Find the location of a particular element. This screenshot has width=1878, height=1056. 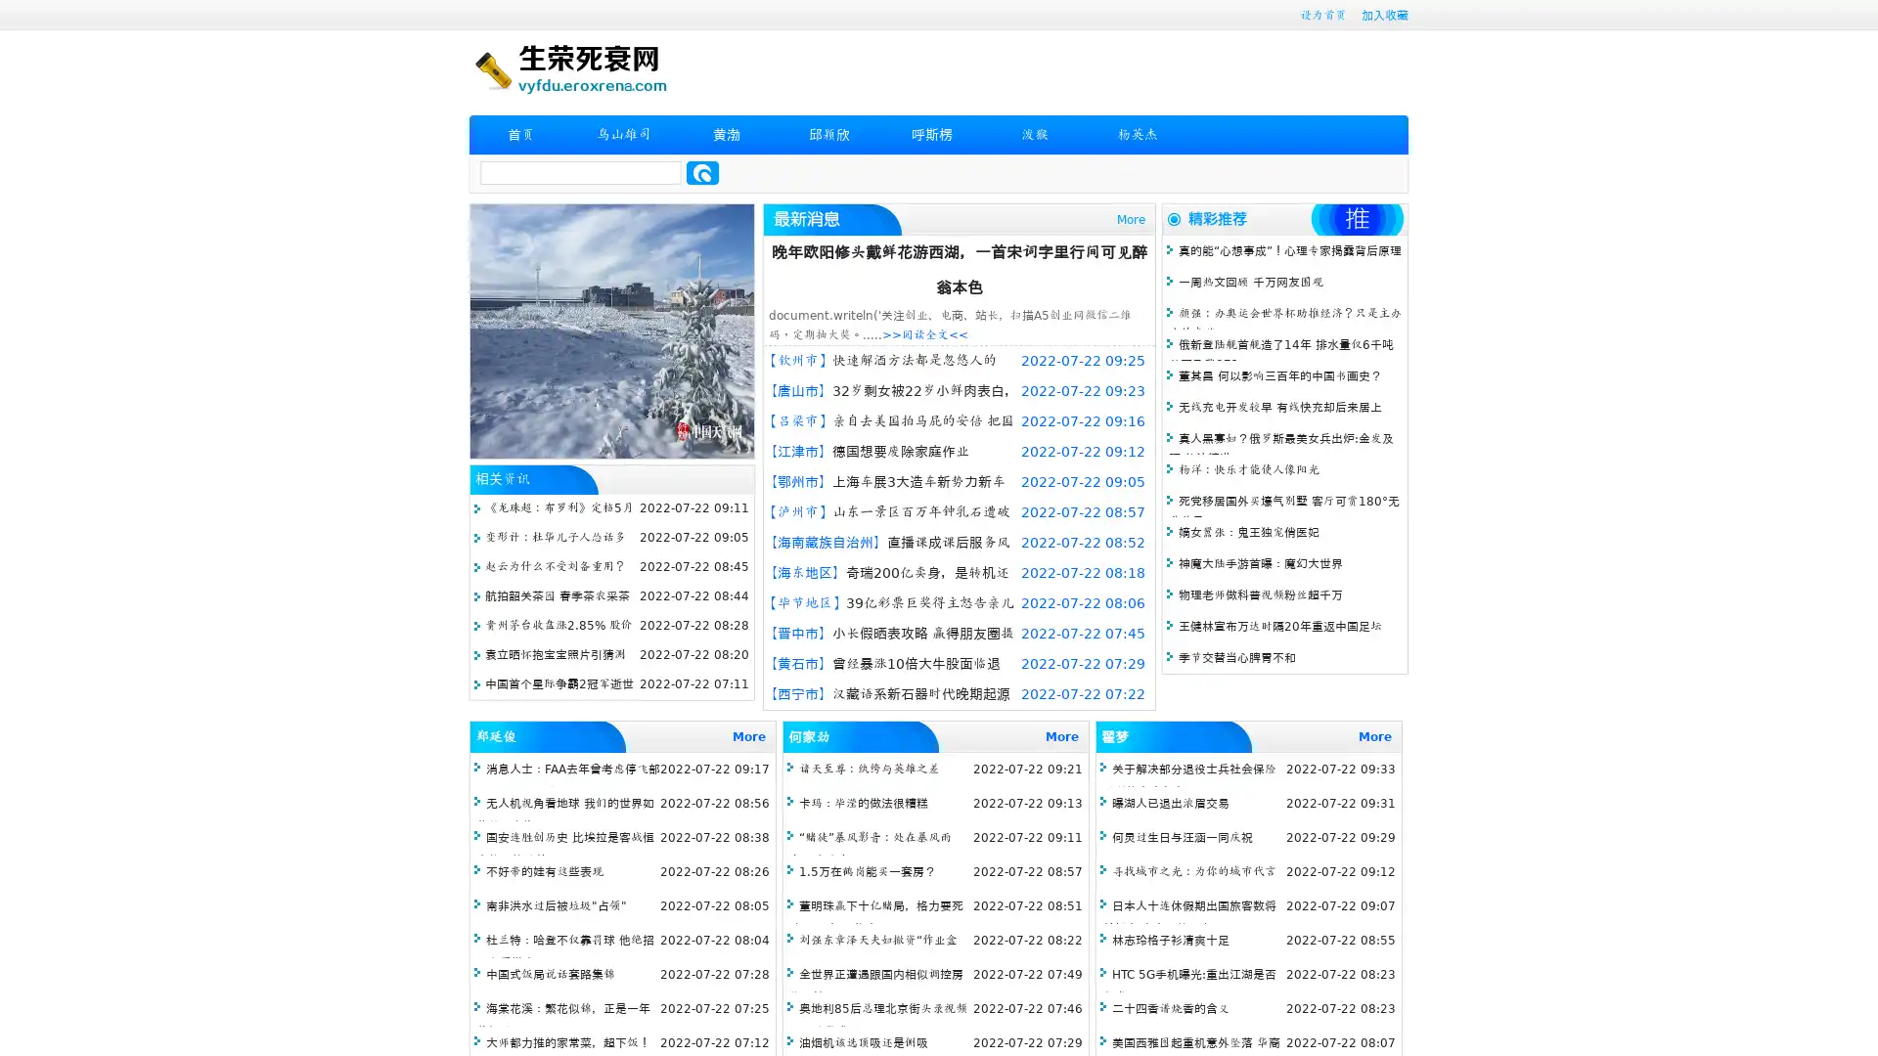

Search is located at coordinates (702, 172).